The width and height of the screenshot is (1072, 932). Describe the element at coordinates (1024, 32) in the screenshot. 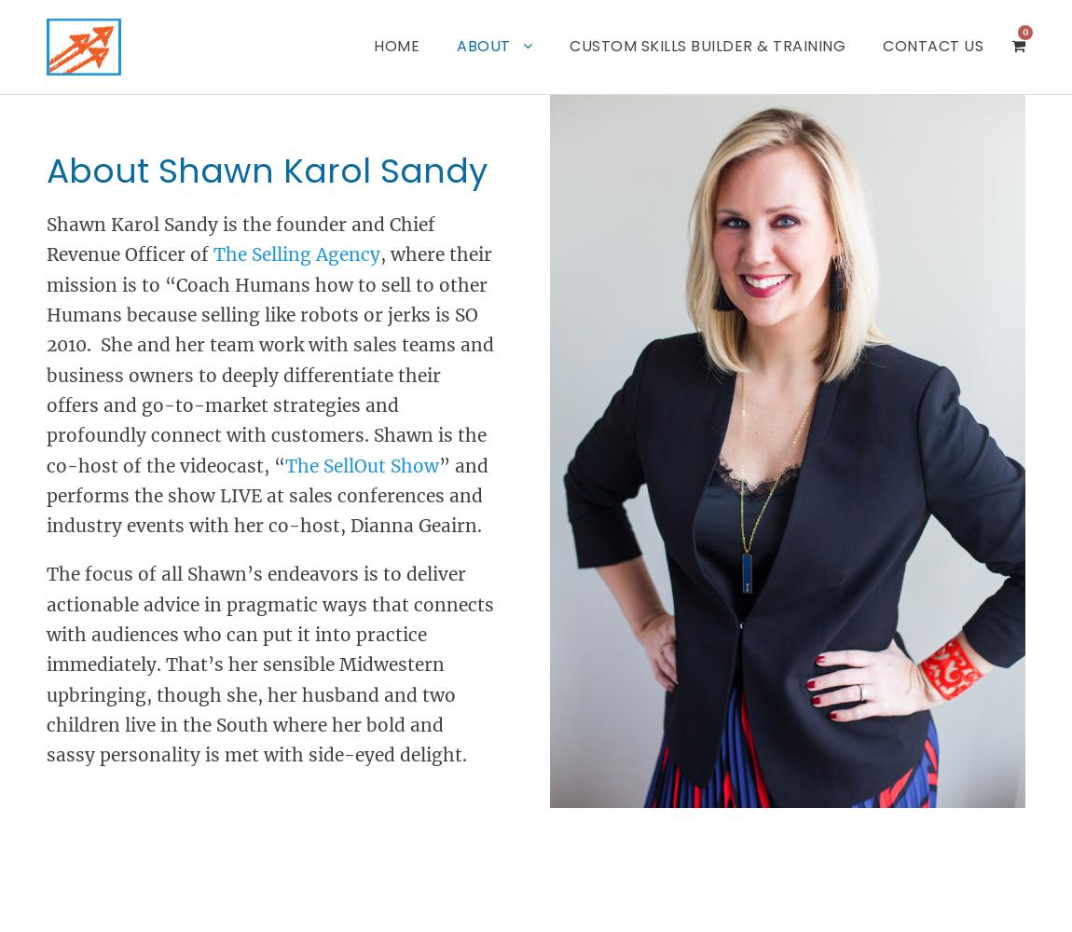

I see `'0'` at that location.